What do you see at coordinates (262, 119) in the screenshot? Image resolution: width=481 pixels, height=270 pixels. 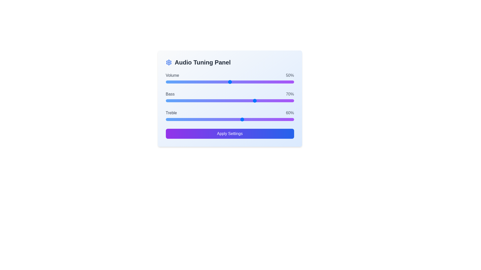 I see `the slider's value` at bounding box center [262, 119].